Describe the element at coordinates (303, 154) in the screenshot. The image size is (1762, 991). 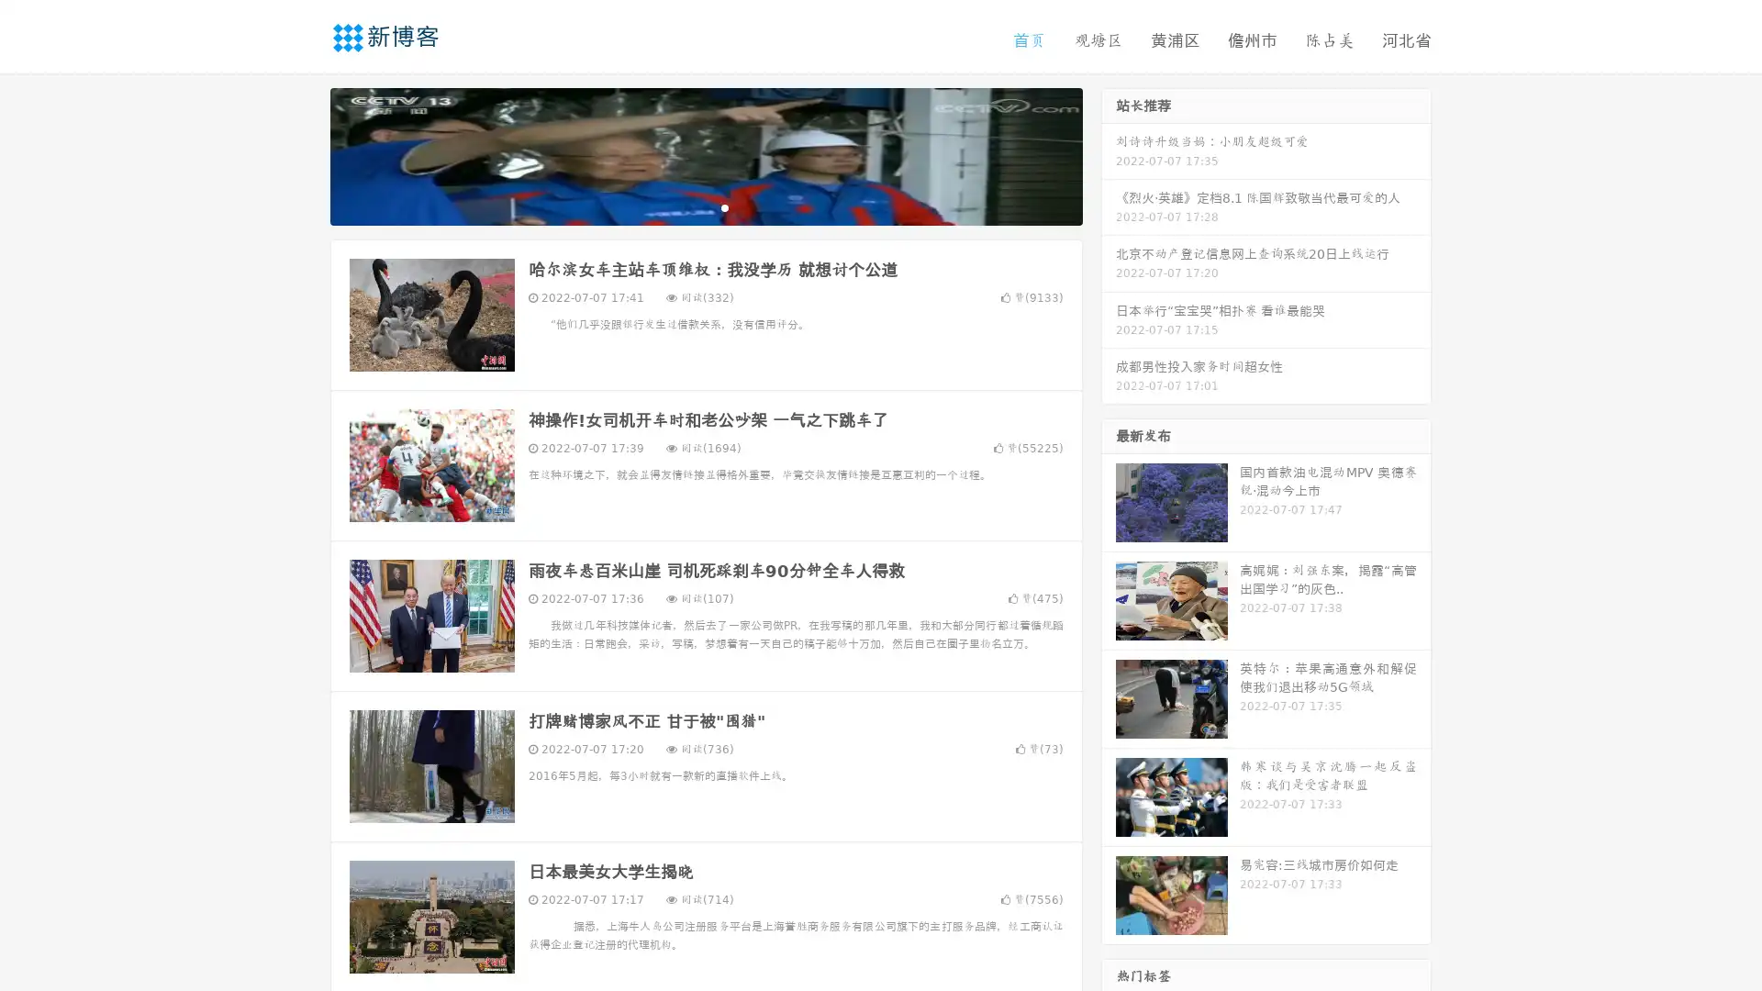
I see `Previous slide` at that location.